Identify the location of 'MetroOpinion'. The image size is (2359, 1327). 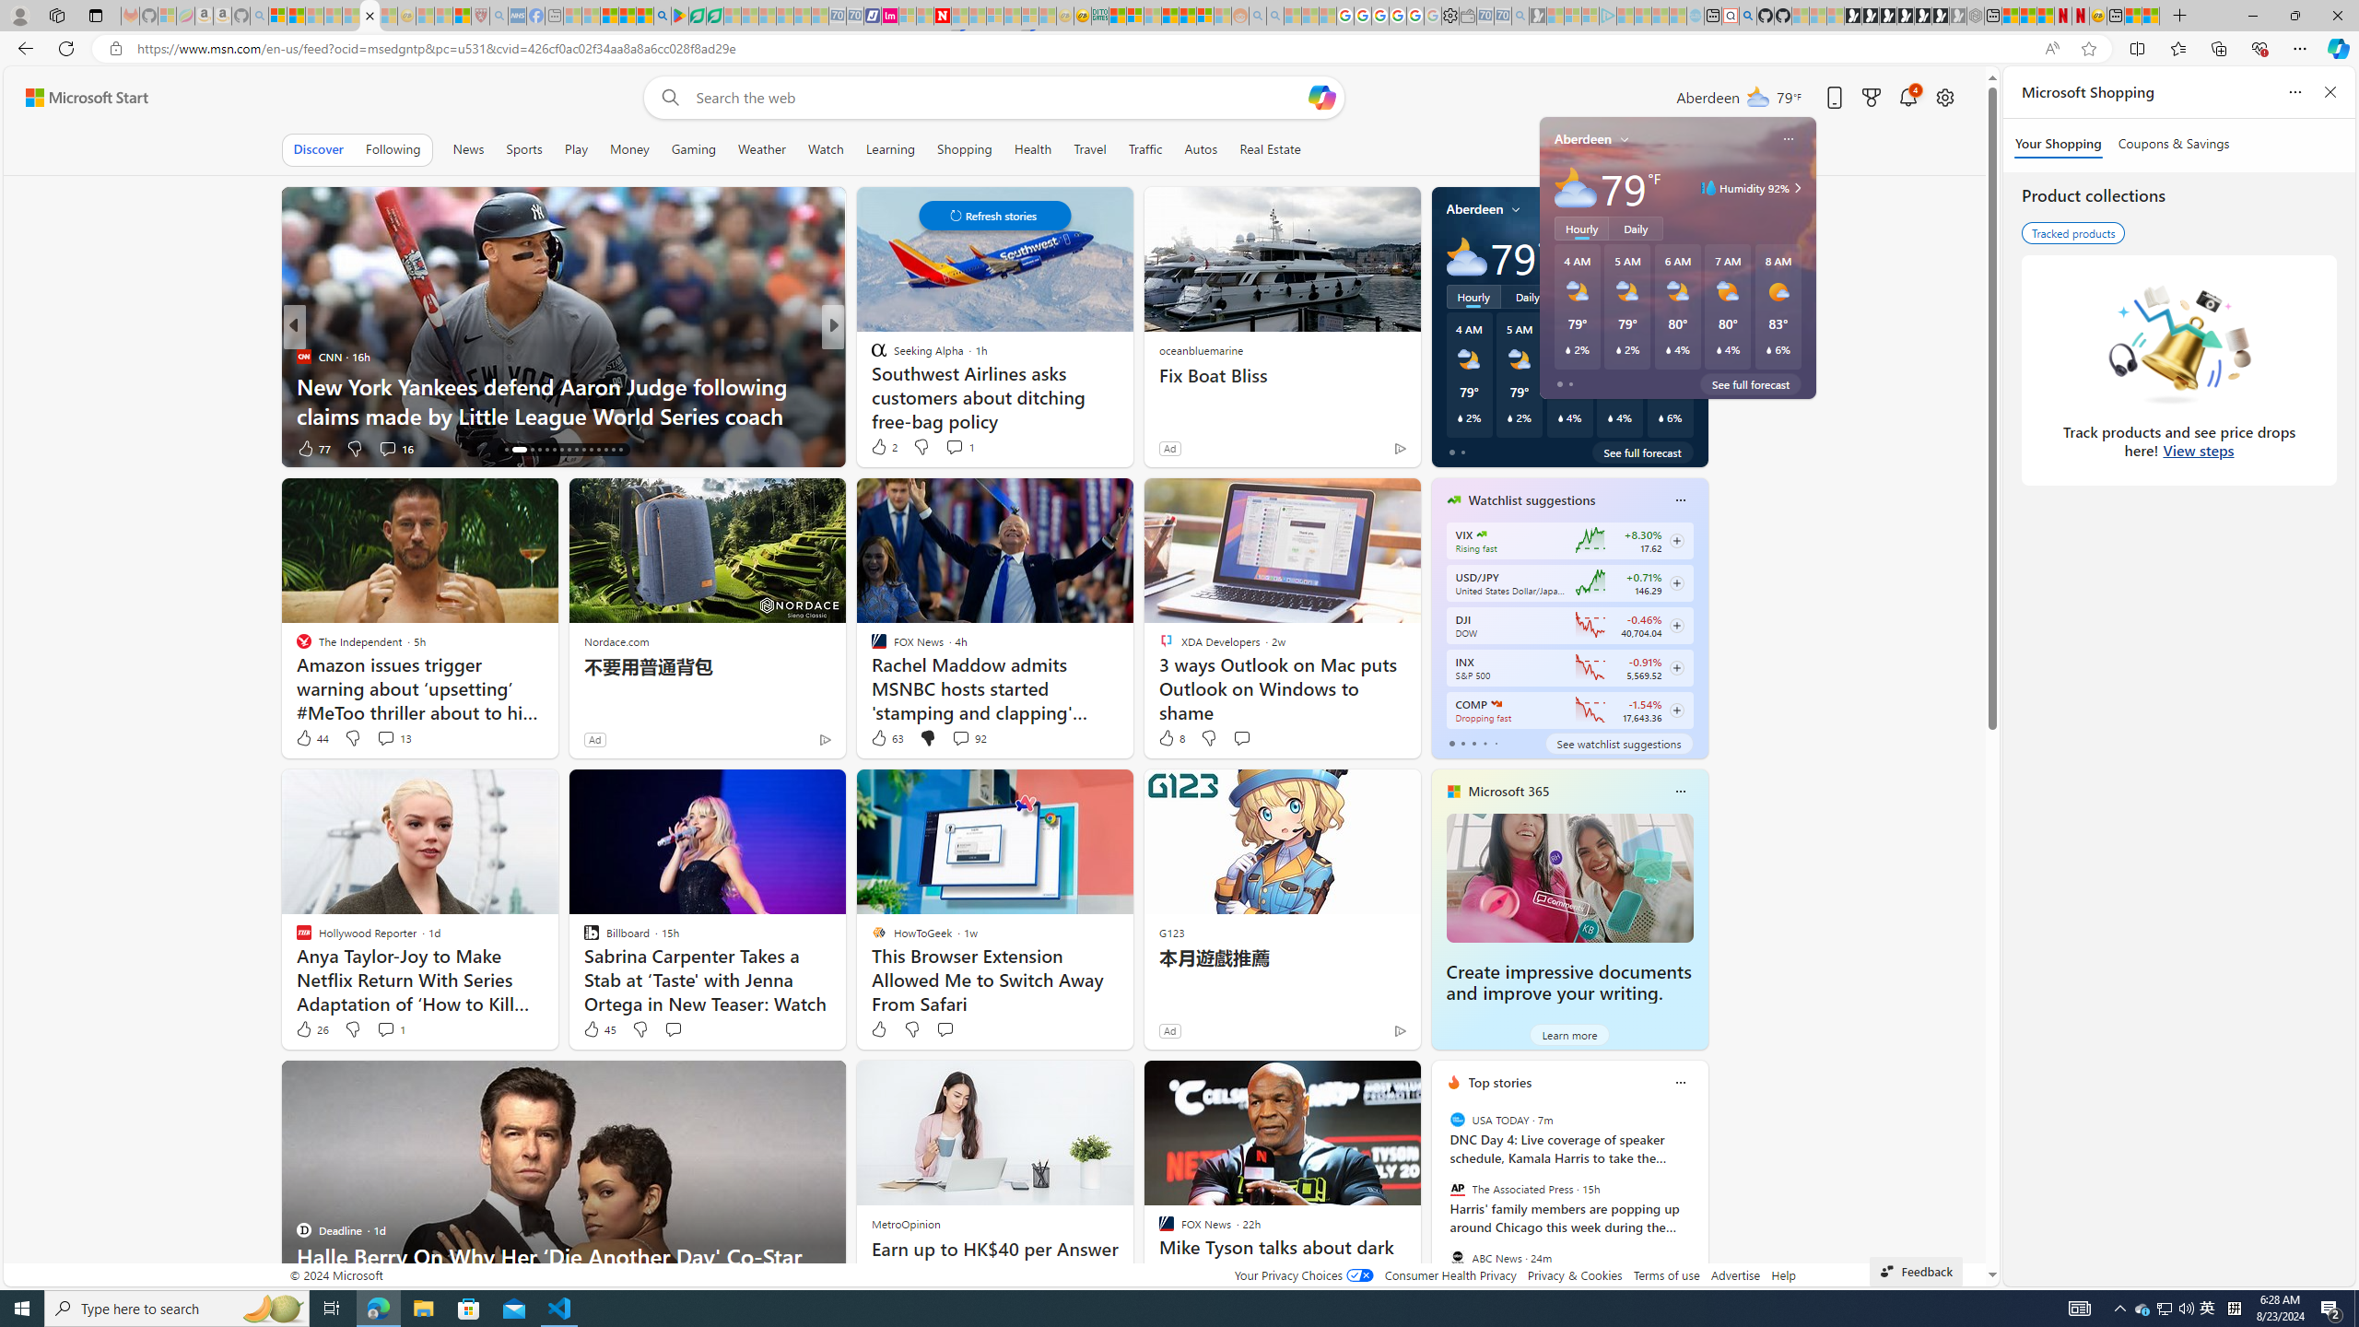
(905, 1224).